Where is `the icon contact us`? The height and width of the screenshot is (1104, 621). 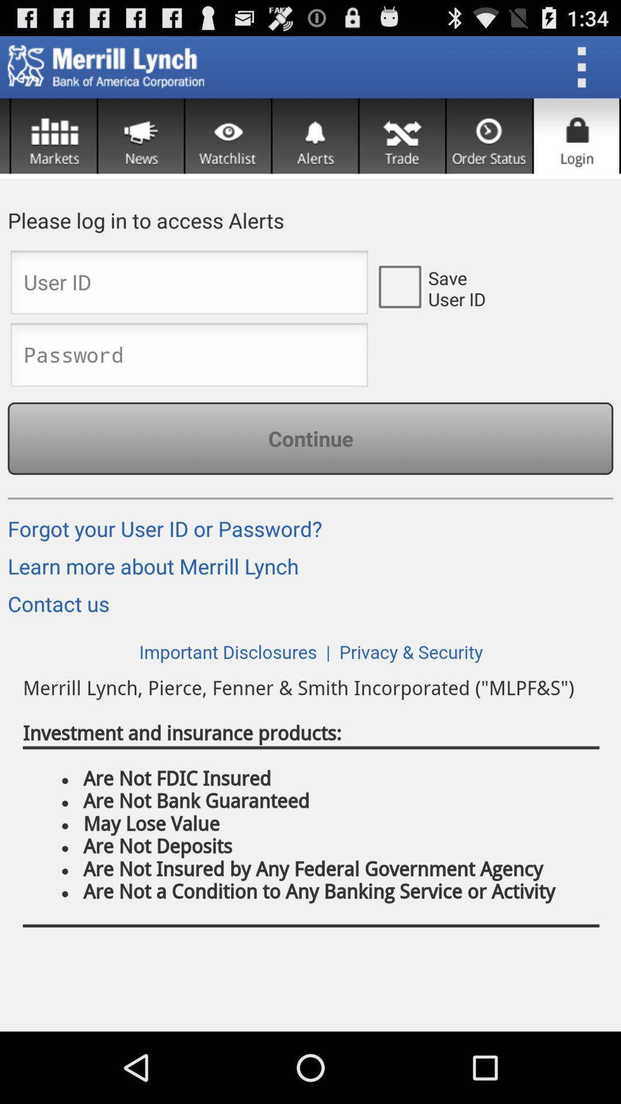
the icon contact us is located at coordinates (62, 607).